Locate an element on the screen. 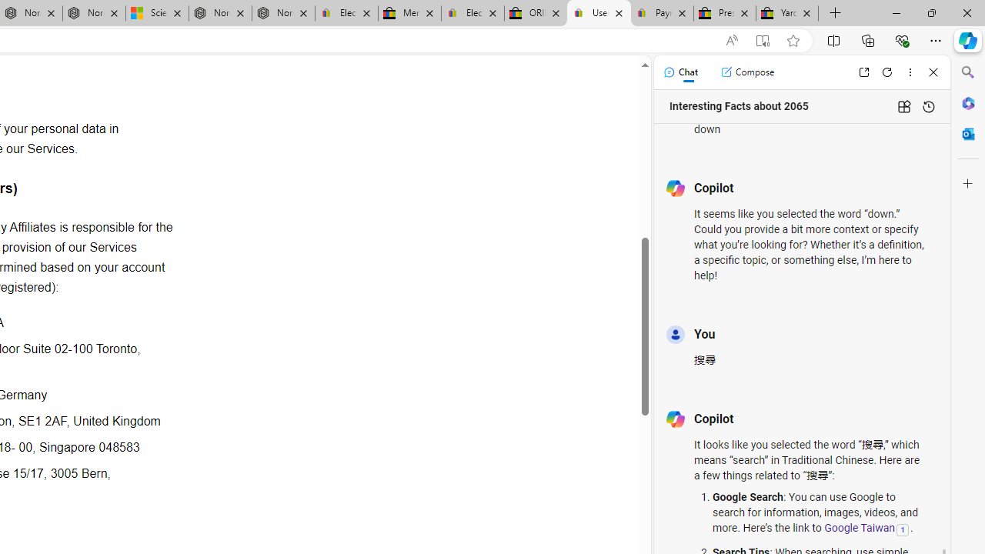 Image resolution: width=985 pixels, height=554 pixels. 'Browser essentials' is located at coordinates (901, 39).